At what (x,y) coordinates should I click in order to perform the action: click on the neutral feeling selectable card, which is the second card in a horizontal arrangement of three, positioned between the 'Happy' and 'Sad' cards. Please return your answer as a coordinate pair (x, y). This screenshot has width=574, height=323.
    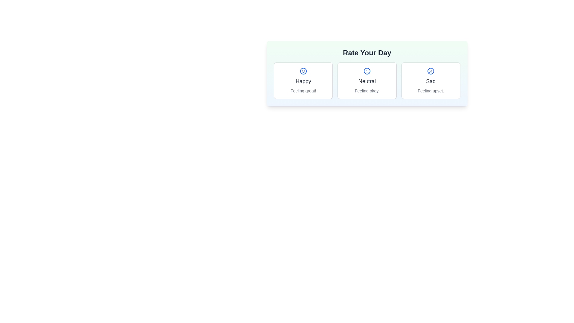
    Looking at the image, I should click on (367, 81).